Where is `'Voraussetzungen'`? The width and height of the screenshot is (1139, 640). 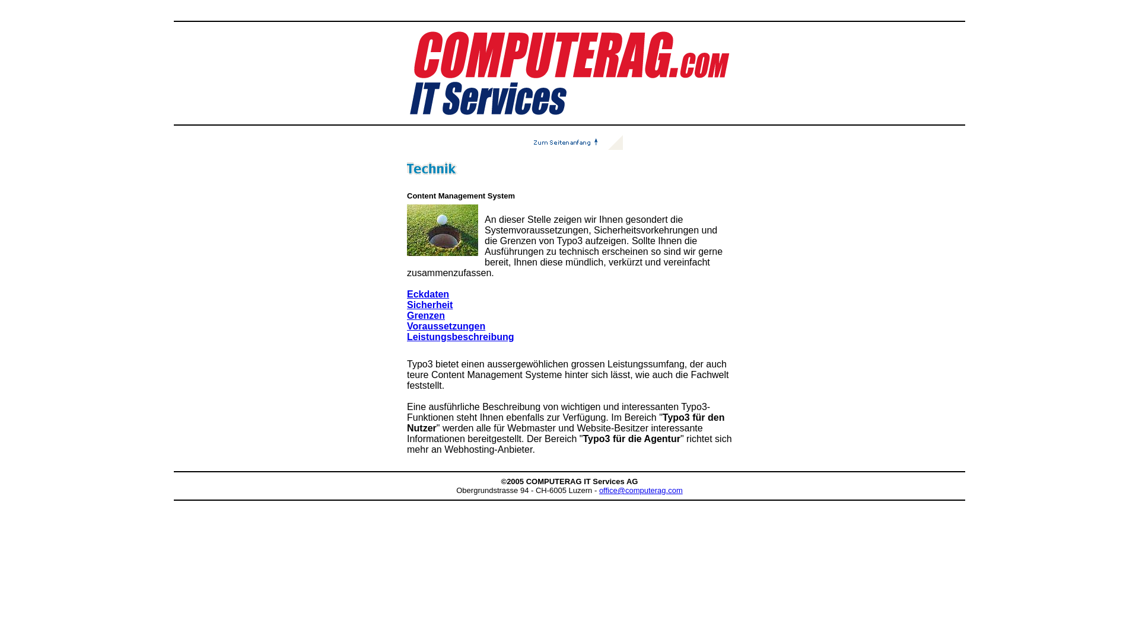
'Voraussetzungen' is located at coordinates (446, 326).